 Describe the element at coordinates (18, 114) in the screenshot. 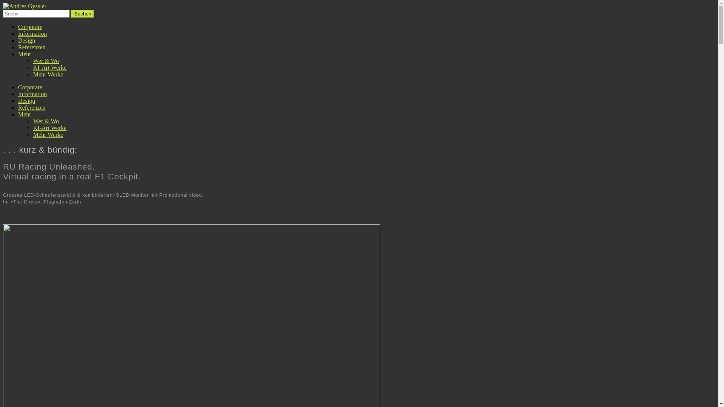

I see `'Mehr'` at that location.